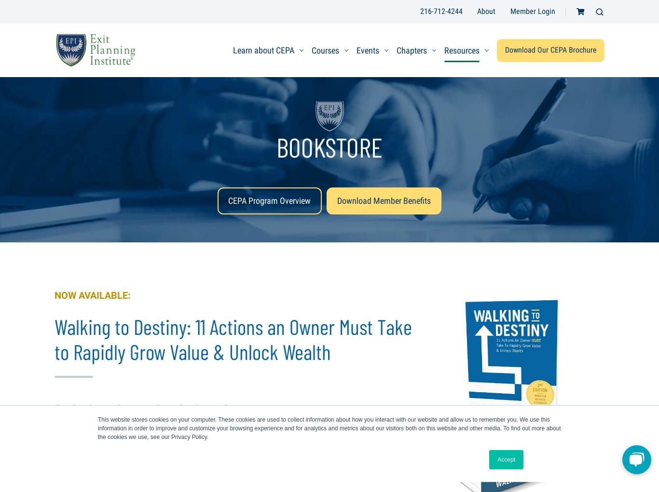 The image size is (659, 492). Describe the element at coordinates (233, 338) in the screenshot. I see `'Walking to Destiny: 11 Actions an Owner Must Take to Rapidly Grow Value & Unlock Wealth'` at that location.